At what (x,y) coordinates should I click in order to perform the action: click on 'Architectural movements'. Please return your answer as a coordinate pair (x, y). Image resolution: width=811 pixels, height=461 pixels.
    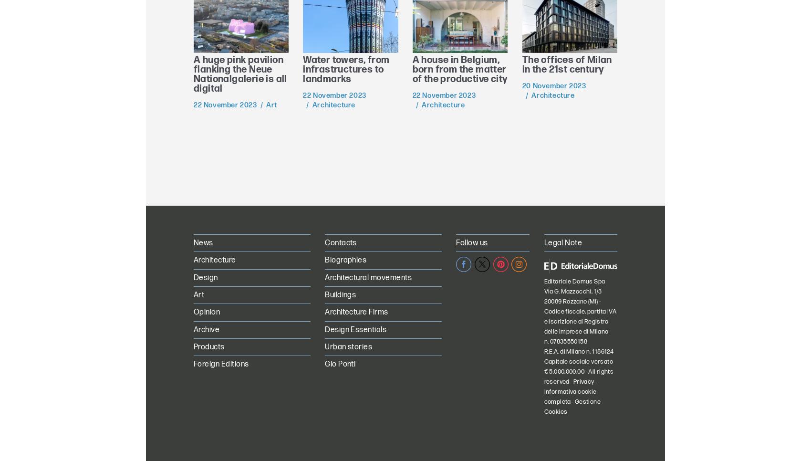
    Looking at the image, I should click on (367, 277).